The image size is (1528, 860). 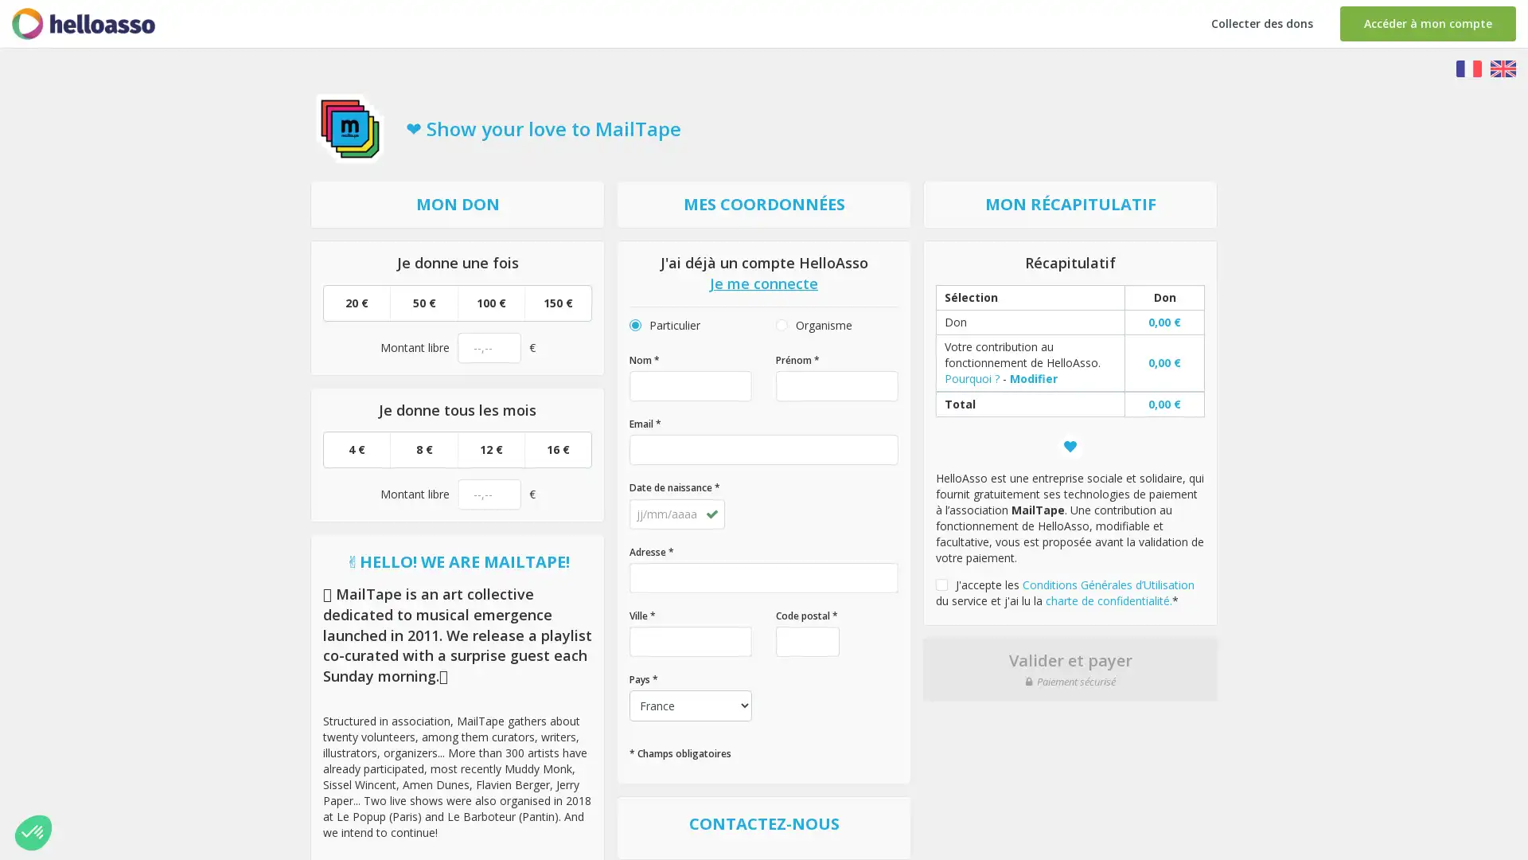 I want to click on Tout accepter, so click(x=294, y=779).